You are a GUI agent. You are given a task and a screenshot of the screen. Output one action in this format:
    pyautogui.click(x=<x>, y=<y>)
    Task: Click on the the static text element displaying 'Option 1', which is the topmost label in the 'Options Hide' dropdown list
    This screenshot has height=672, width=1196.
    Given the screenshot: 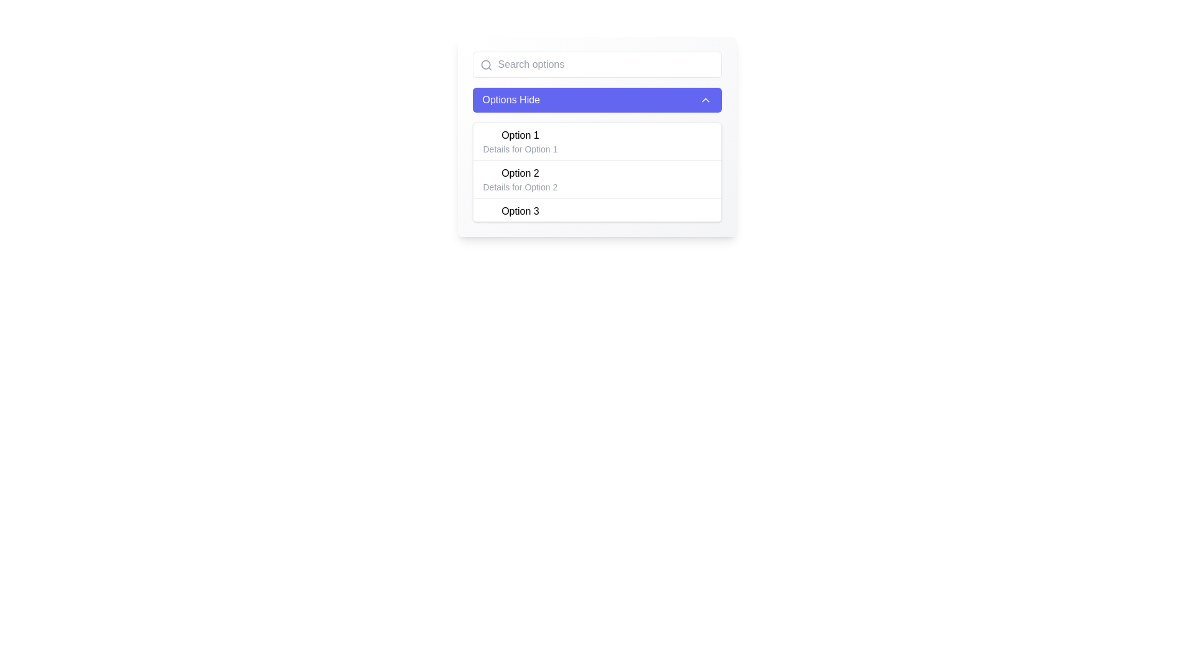 What is the action you would take?
    pyautogui.click(x=520, y=136)
    